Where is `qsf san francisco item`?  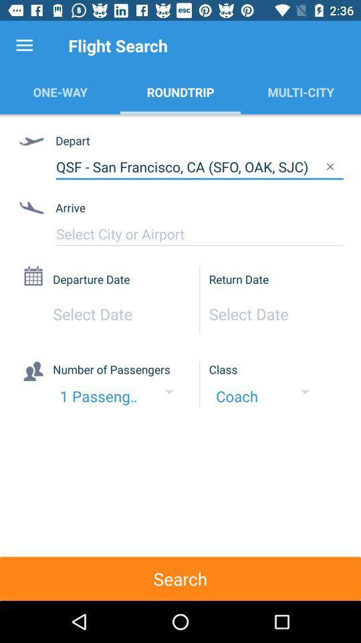 qsf san francisco item is located at coordinates (199, 166).